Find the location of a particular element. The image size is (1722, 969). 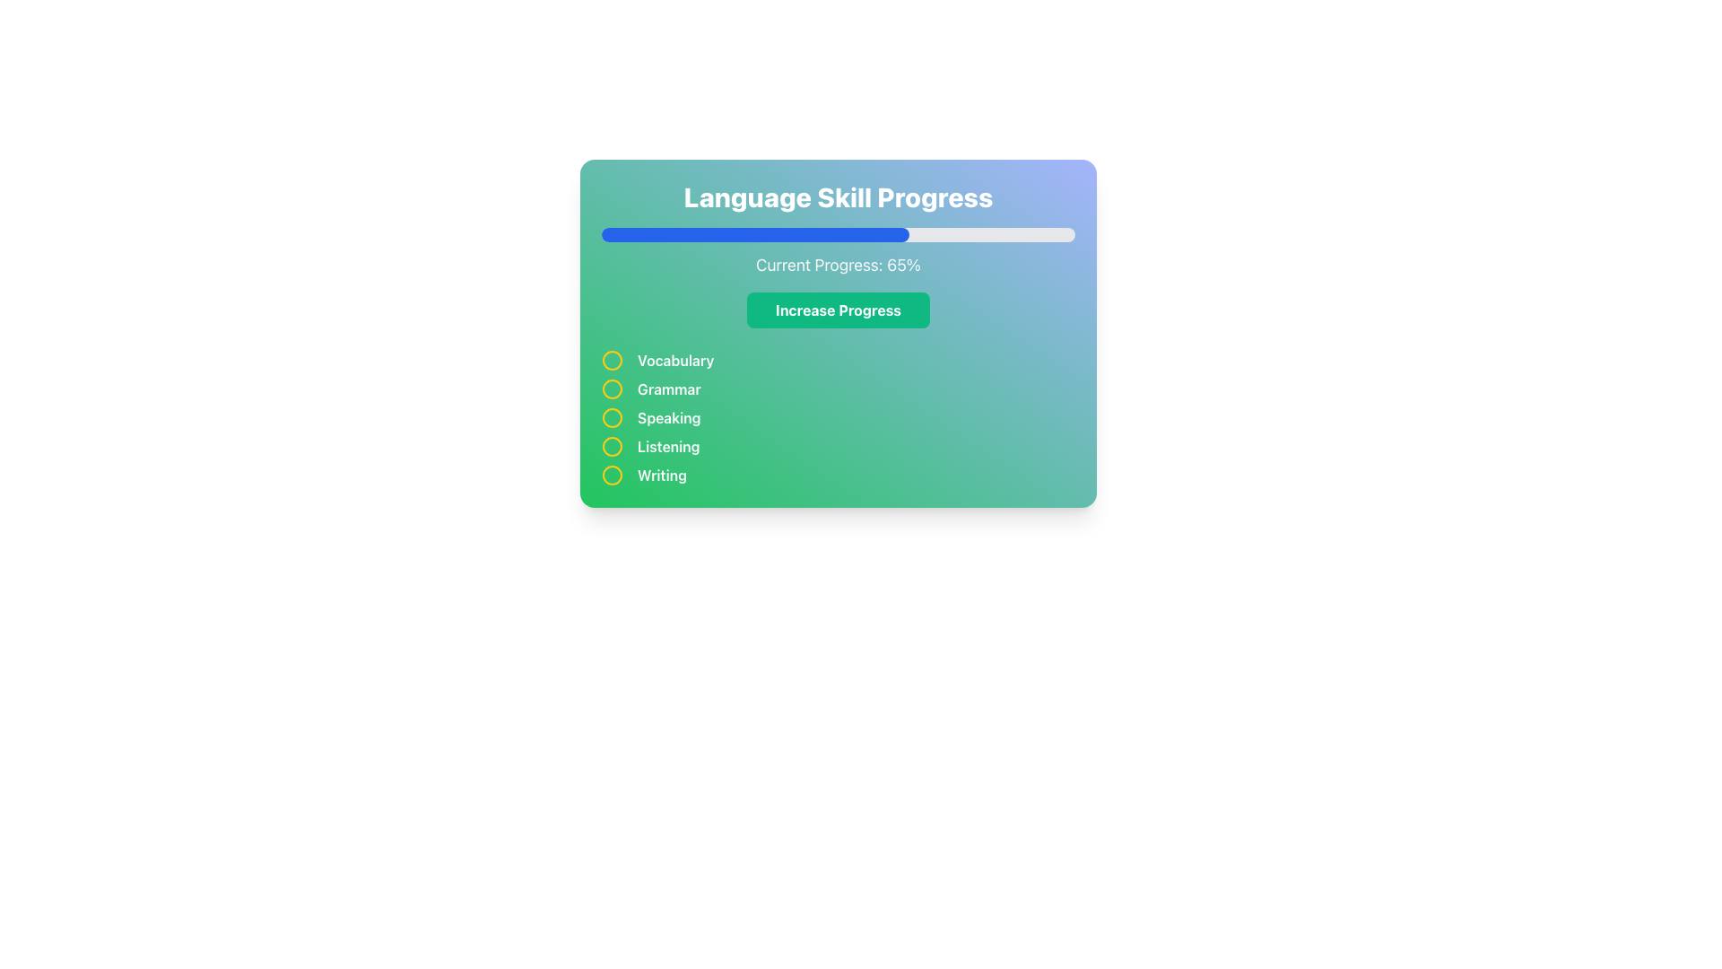

the text label displaying 'Grammar' in bold grayish-white font is located at coordinates (668, 388).